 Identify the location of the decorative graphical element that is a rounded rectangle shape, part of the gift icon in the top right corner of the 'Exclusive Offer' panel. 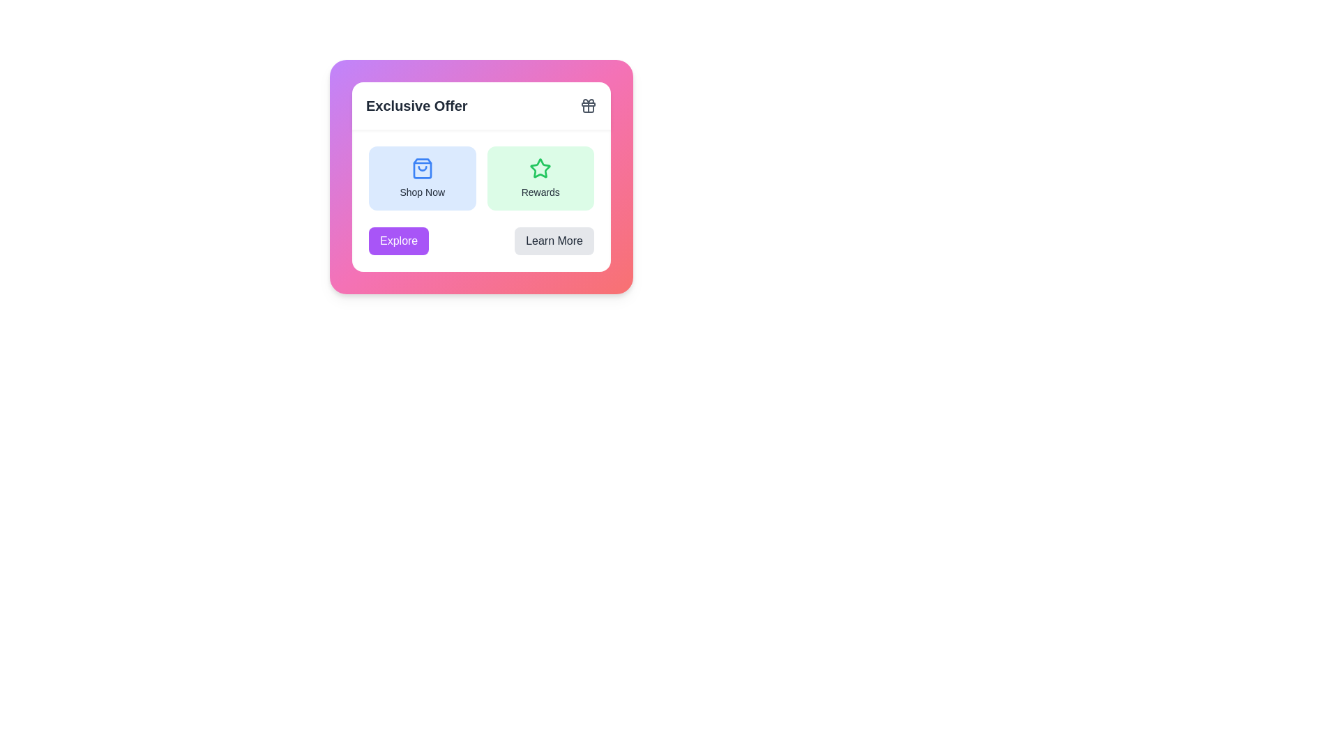
(589, 104).